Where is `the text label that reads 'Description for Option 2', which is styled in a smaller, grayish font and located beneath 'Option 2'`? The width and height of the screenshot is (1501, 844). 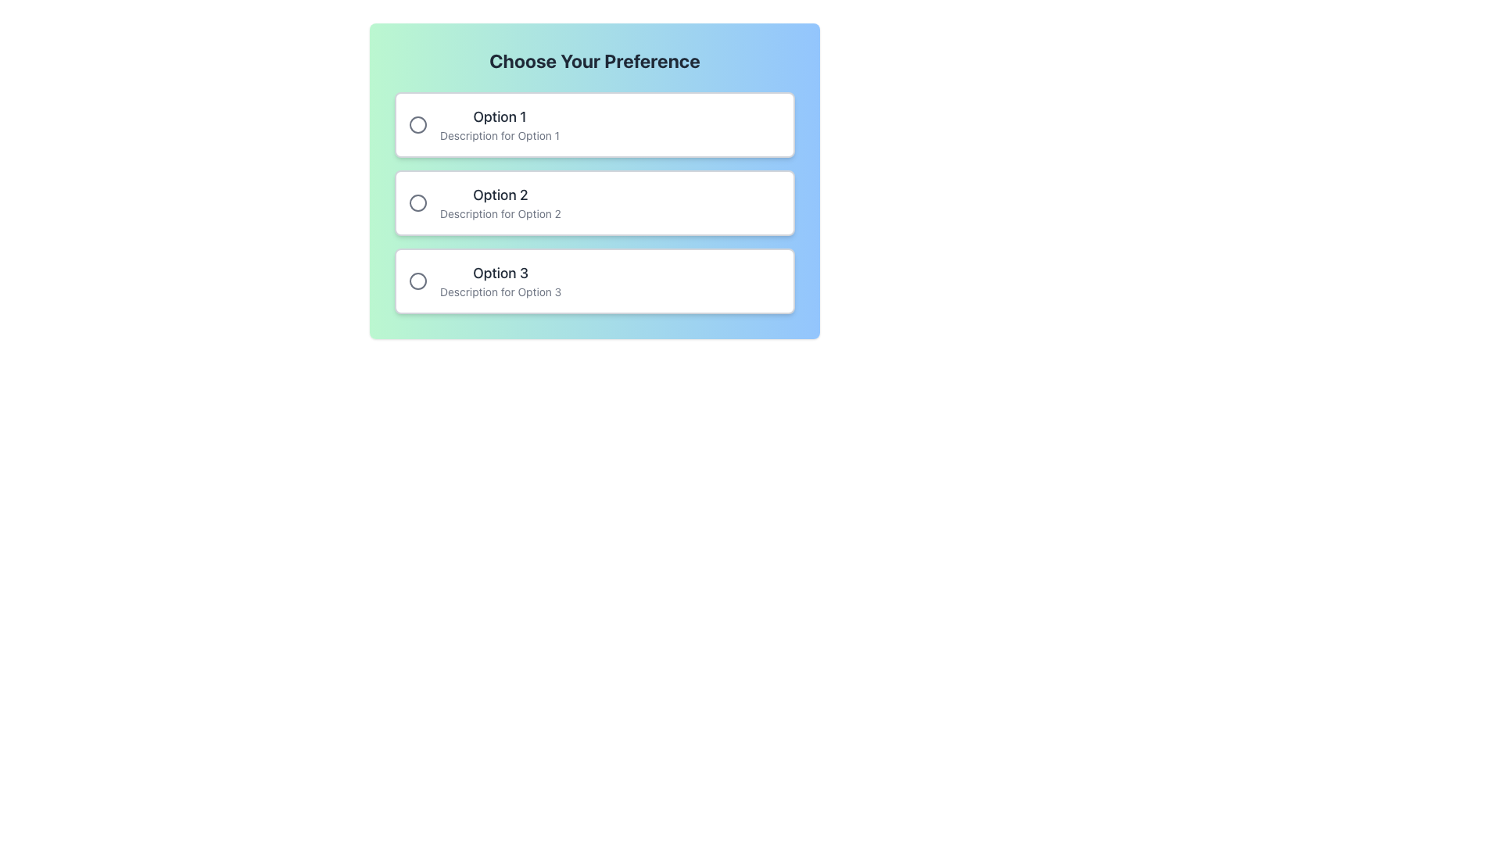
the text label that reads 'Description for Option 2', which is styled in a smaller, grayish font and located beneath 'Option 2' is located at coordinates (500, 213).